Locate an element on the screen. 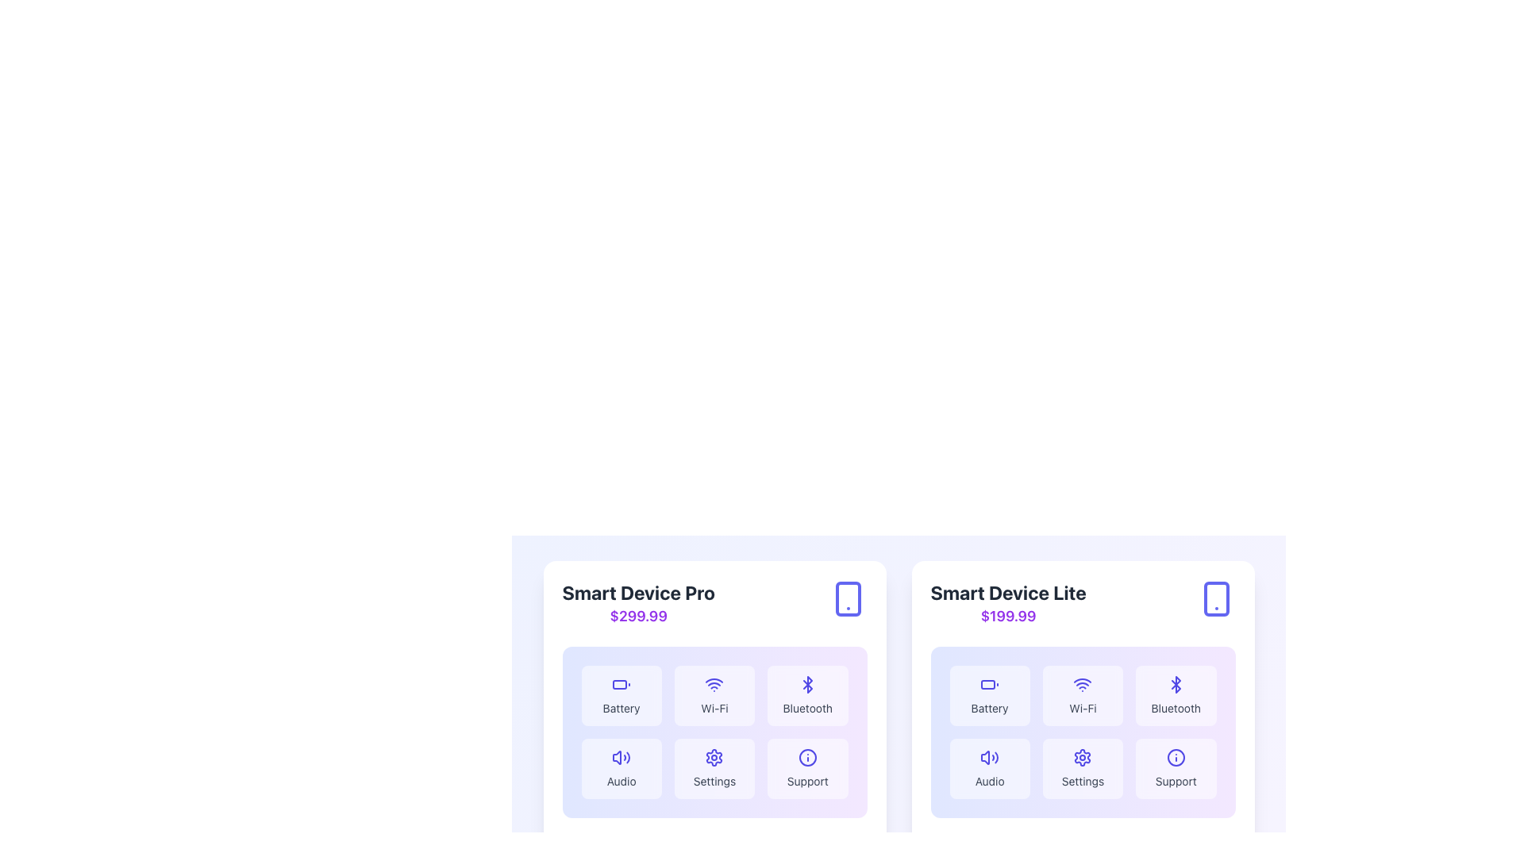 The width and height of the screenshot is (1524, 857). text from the label positioned beneath the gear icon in the 'Smart Device Lite' card, which serves as a descriptor for settings functionality is located at coordinates (1082, 780).